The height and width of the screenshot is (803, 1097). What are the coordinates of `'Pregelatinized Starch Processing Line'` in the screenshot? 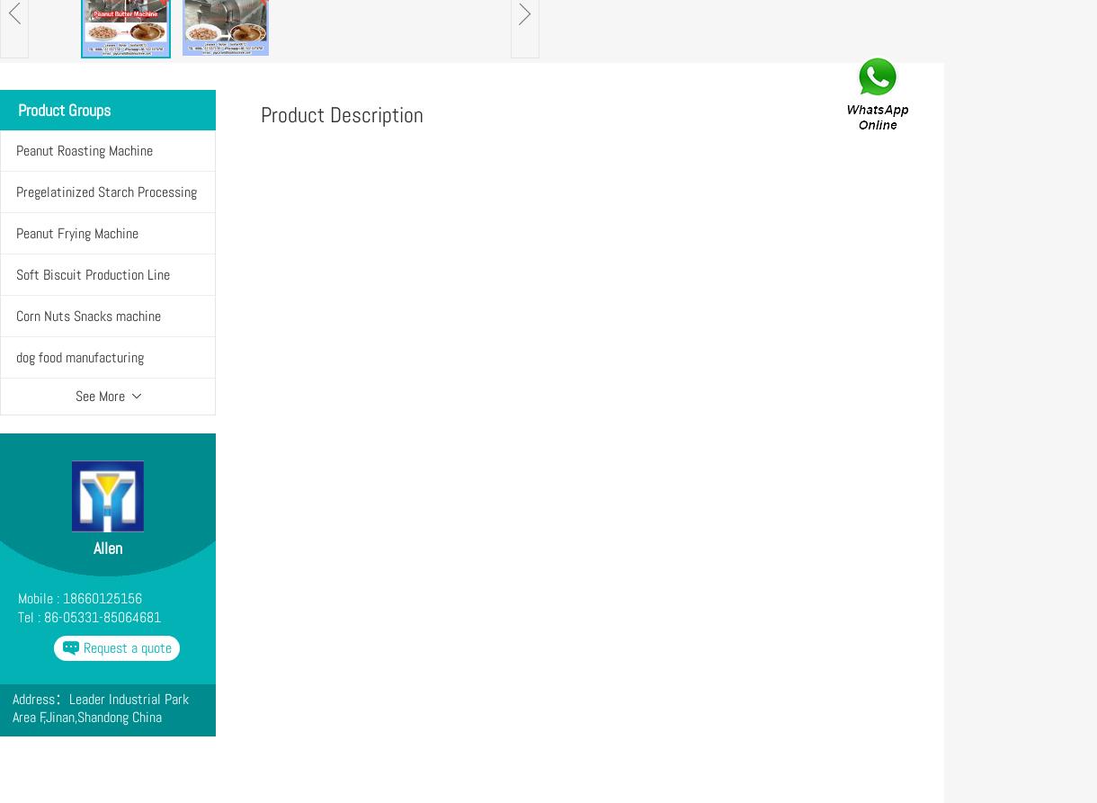 It's located at (106, 211).